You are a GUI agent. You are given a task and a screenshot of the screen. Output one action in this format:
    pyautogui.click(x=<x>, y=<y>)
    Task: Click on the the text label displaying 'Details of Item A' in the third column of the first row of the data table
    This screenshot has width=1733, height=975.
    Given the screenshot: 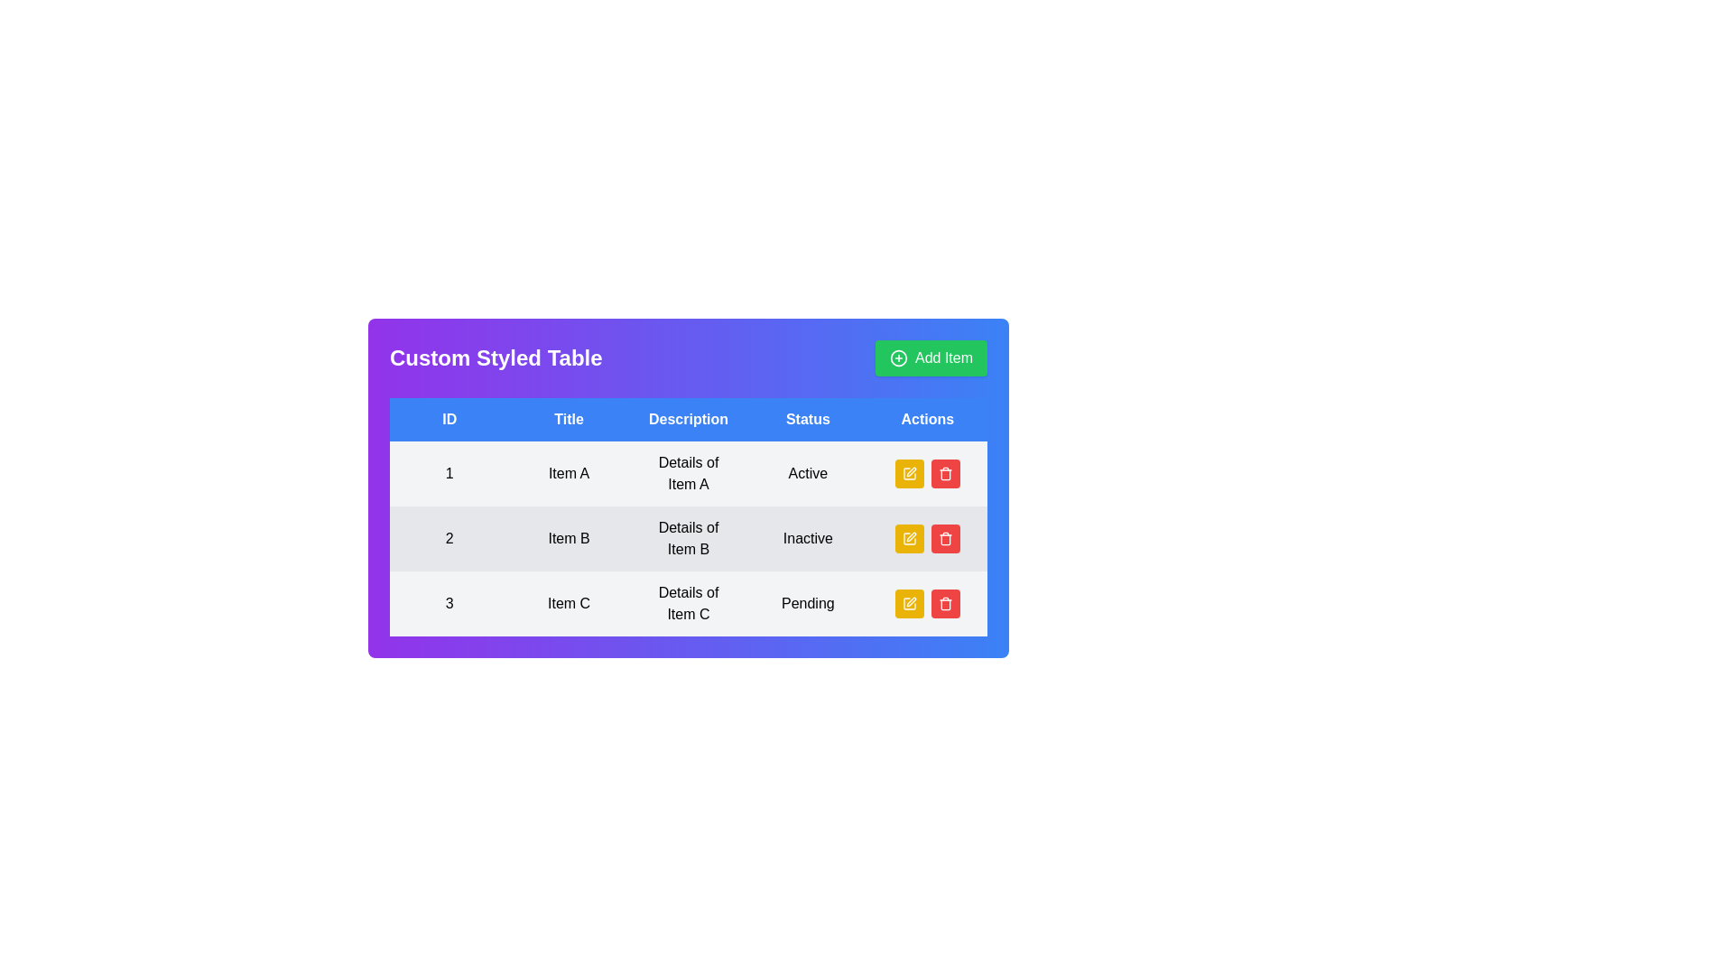 What is the action you would take?
    pyautogui.click(x=688, y=472)
    